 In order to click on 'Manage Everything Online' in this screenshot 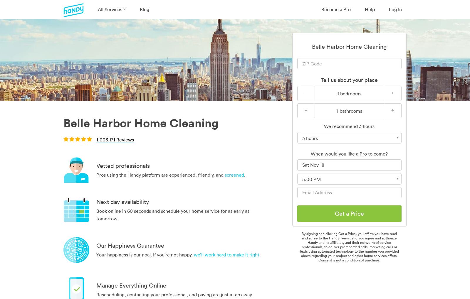, I will do `click(131, 285)`.